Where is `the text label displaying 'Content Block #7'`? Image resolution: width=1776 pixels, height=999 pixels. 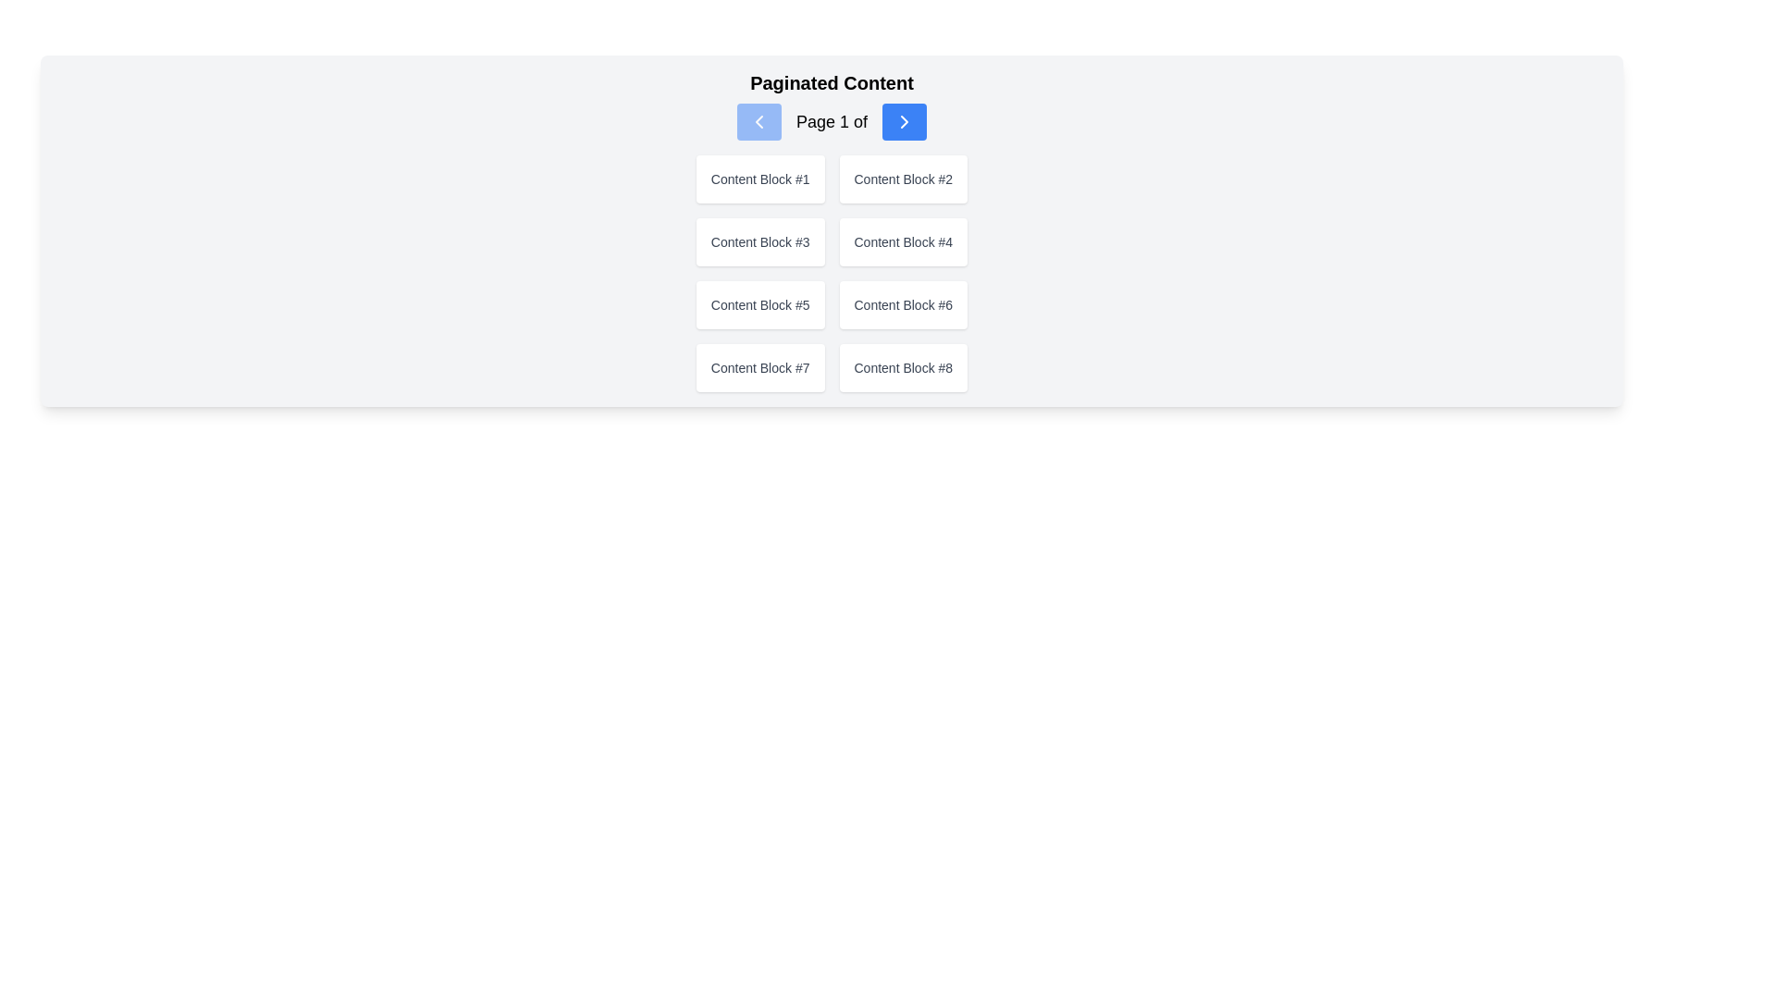
the text label displaying 'Content Block #7' is located at coordinates (760, 367).